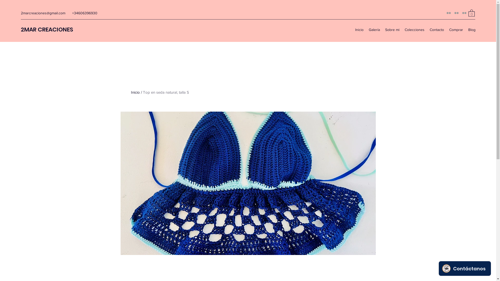  What do you see at coordinates (43, 13) in the screenshot?
I see `'2marcreaciones@gmail.com'` at bounding box center [43, 13].